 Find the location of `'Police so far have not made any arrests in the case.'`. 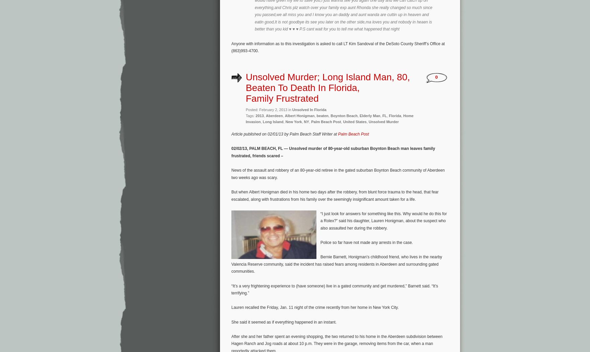

'Police so far have not made any arrests in the case.' is located at coordinates (367, 243).